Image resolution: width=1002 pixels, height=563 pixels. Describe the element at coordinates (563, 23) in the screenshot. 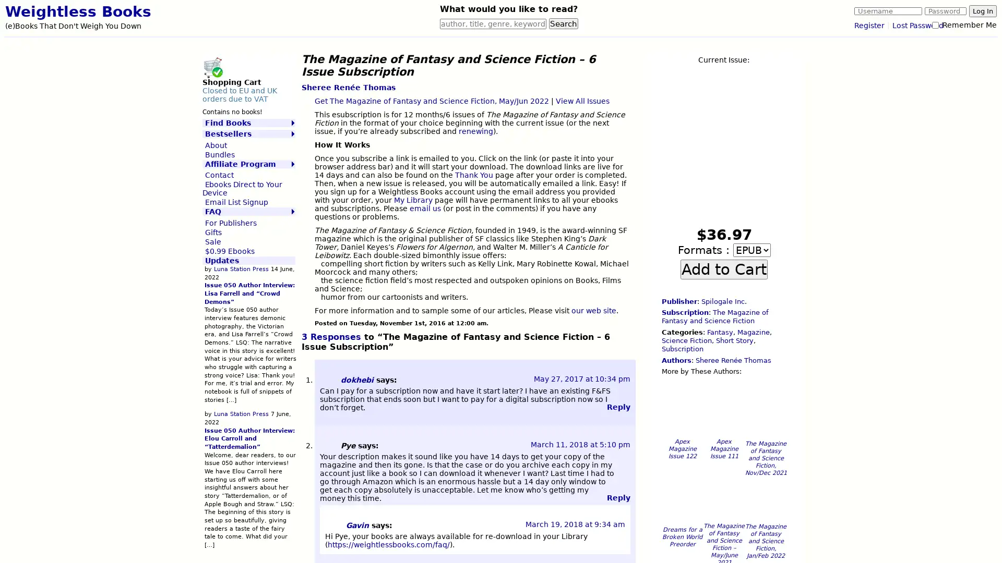

I see `Search` at that location.